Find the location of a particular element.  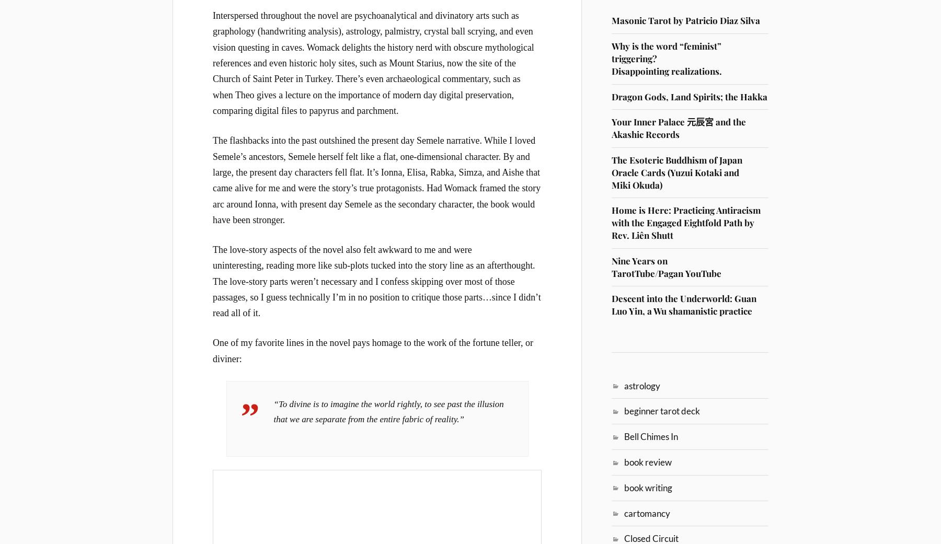

'“To divine is to imagine the world rightly, to see past the illusion that we are separate from the entire fabric of reality.”' is located at coordinates (388, 411).